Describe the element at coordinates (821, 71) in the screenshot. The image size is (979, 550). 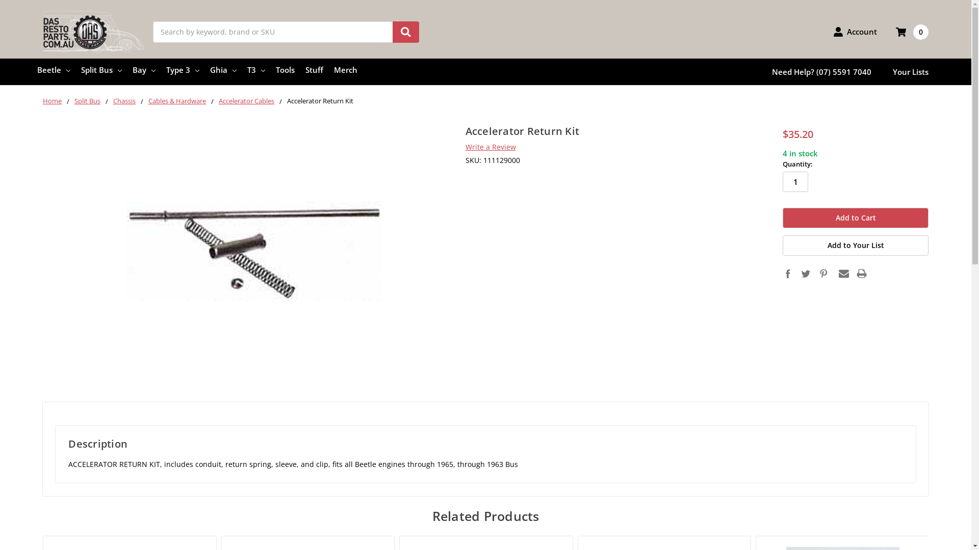
I see `'Need Help? (07) 5591 7040'` at that location.